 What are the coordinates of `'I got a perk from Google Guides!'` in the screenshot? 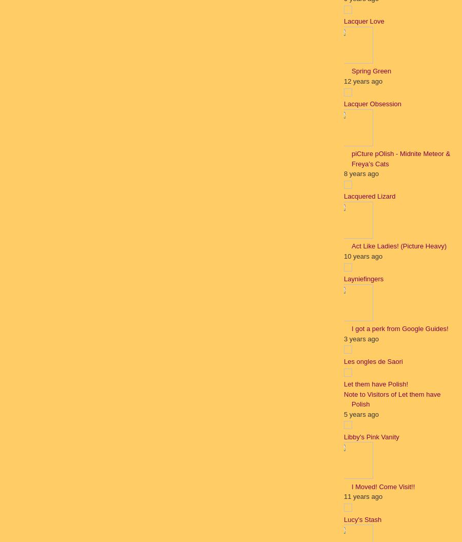 It's located at (399, 328).